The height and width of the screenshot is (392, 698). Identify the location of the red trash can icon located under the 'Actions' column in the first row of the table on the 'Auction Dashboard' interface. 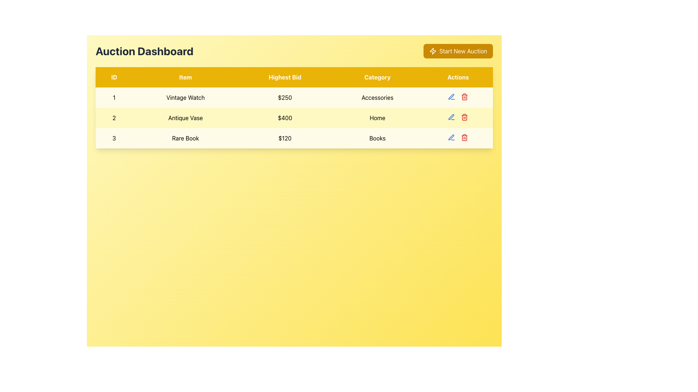
(464, 96).